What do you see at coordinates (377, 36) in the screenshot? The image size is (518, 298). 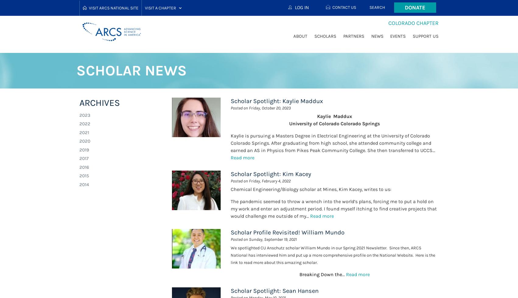 I see `'News'` at bounding box center [377, 36].